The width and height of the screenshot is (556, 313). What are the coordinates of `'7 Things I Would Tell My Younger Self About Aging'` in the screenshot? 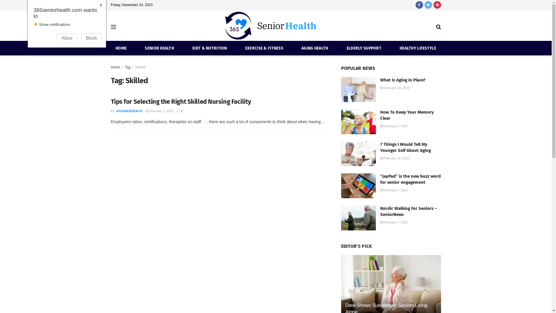 It's located at (380, 147).